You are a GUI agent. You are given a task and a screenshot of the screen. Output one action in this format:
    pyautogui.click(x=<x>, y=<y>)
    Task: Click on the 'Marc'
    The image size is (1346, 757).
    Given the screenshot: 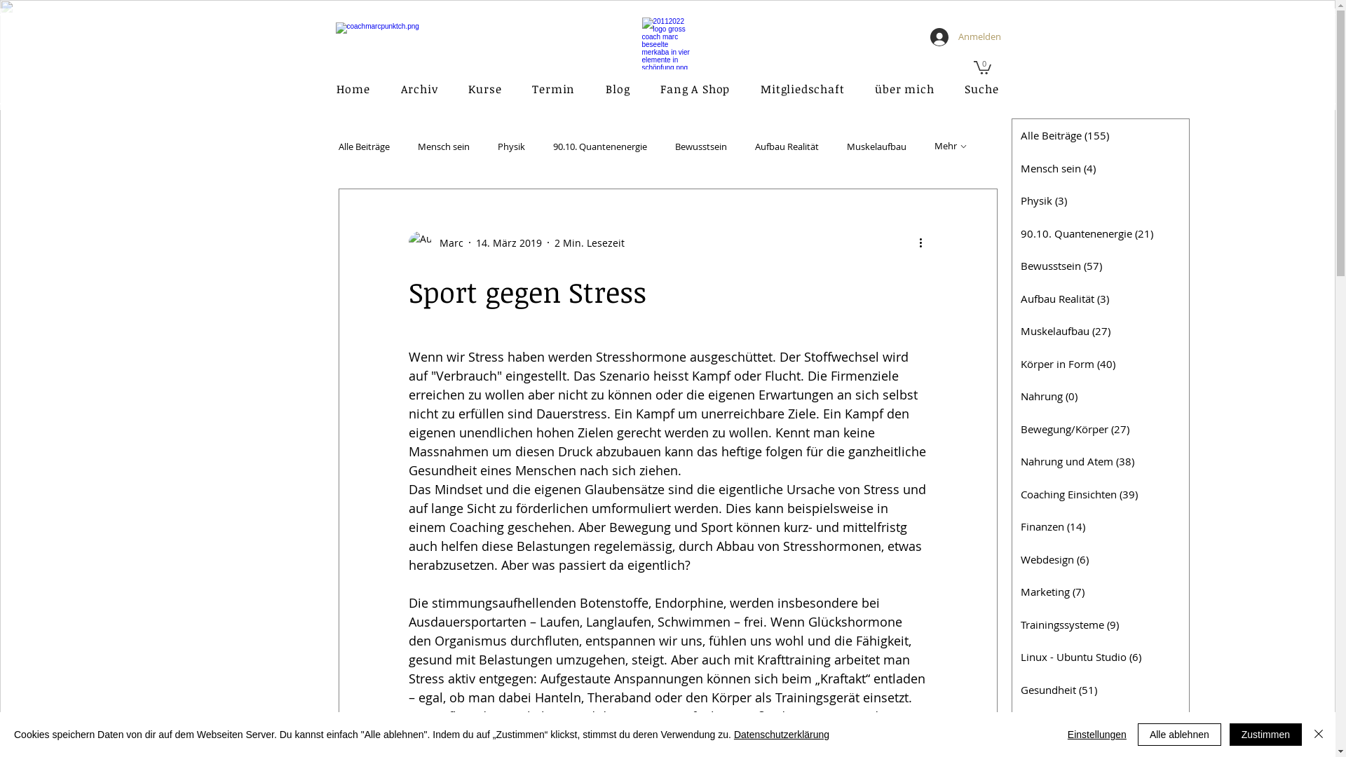 What is the action you would take?
    pyautogui.click(x=434, y=242)
    